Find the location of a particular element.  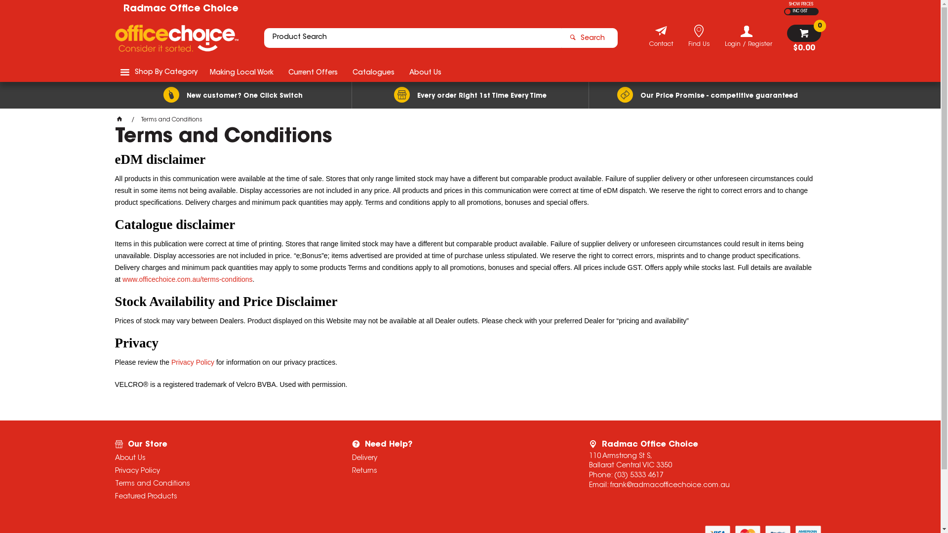

'(03) 5333 4617' is located at coordinates (639, 475).